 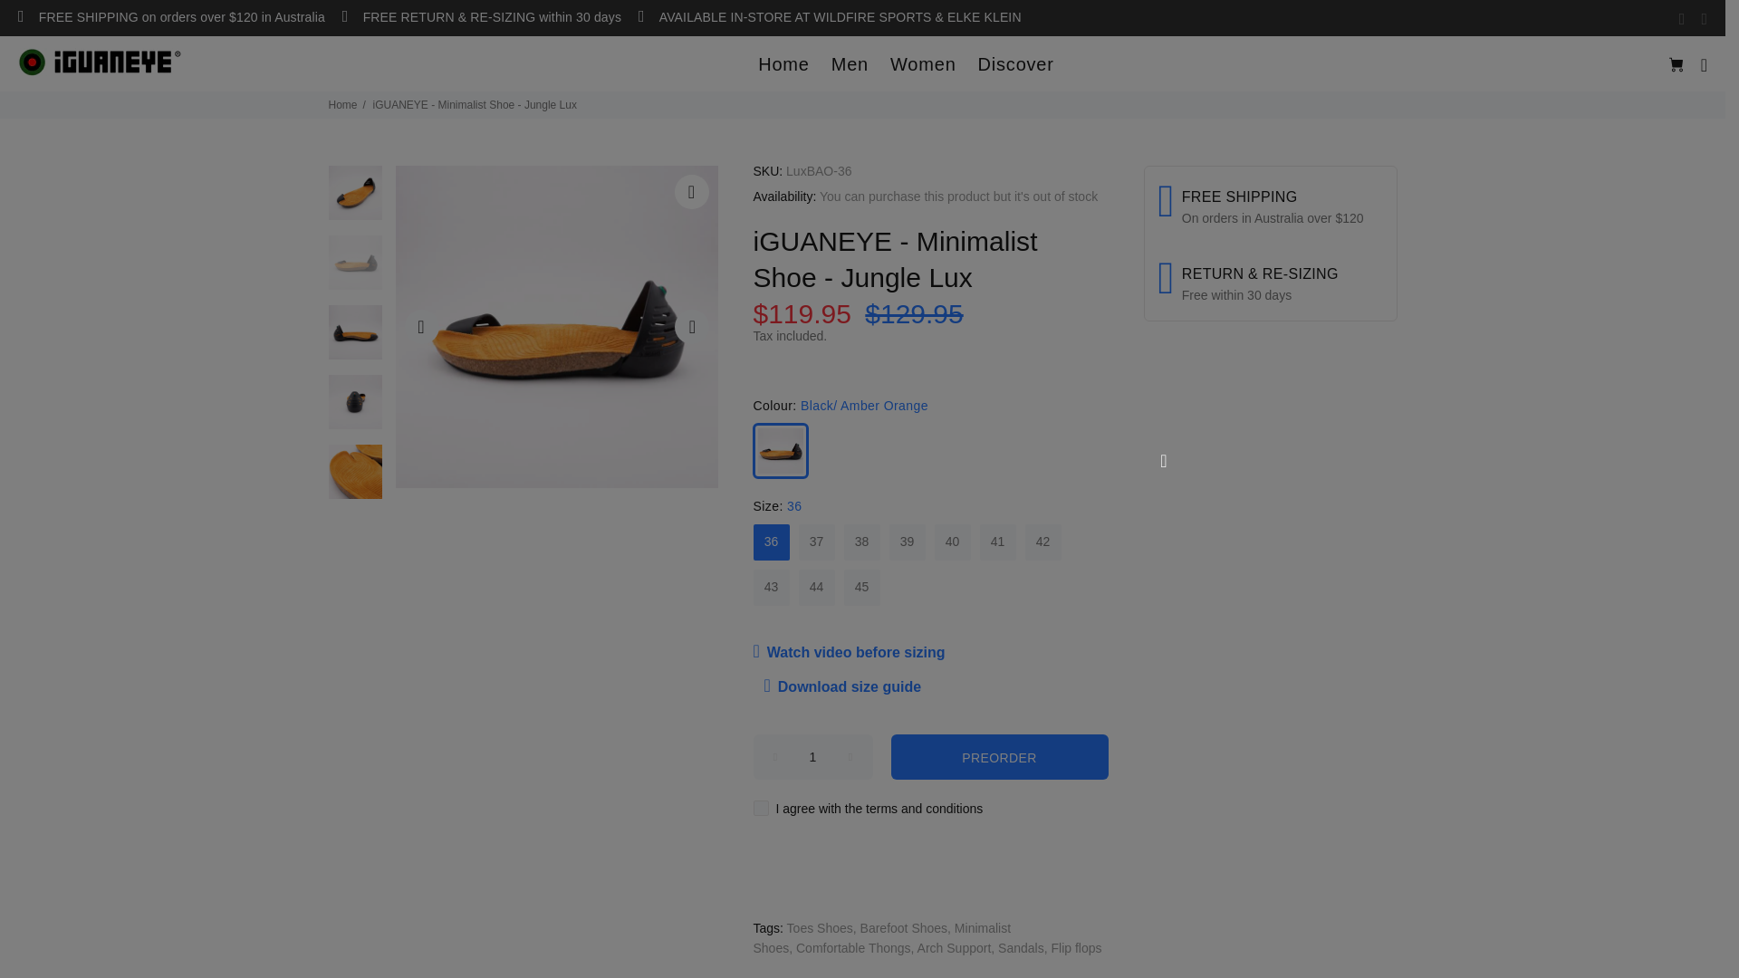 What do you see at coordinates (908, 541) in the screenshot?
I see `'39'` at bounding box center [908, 541].